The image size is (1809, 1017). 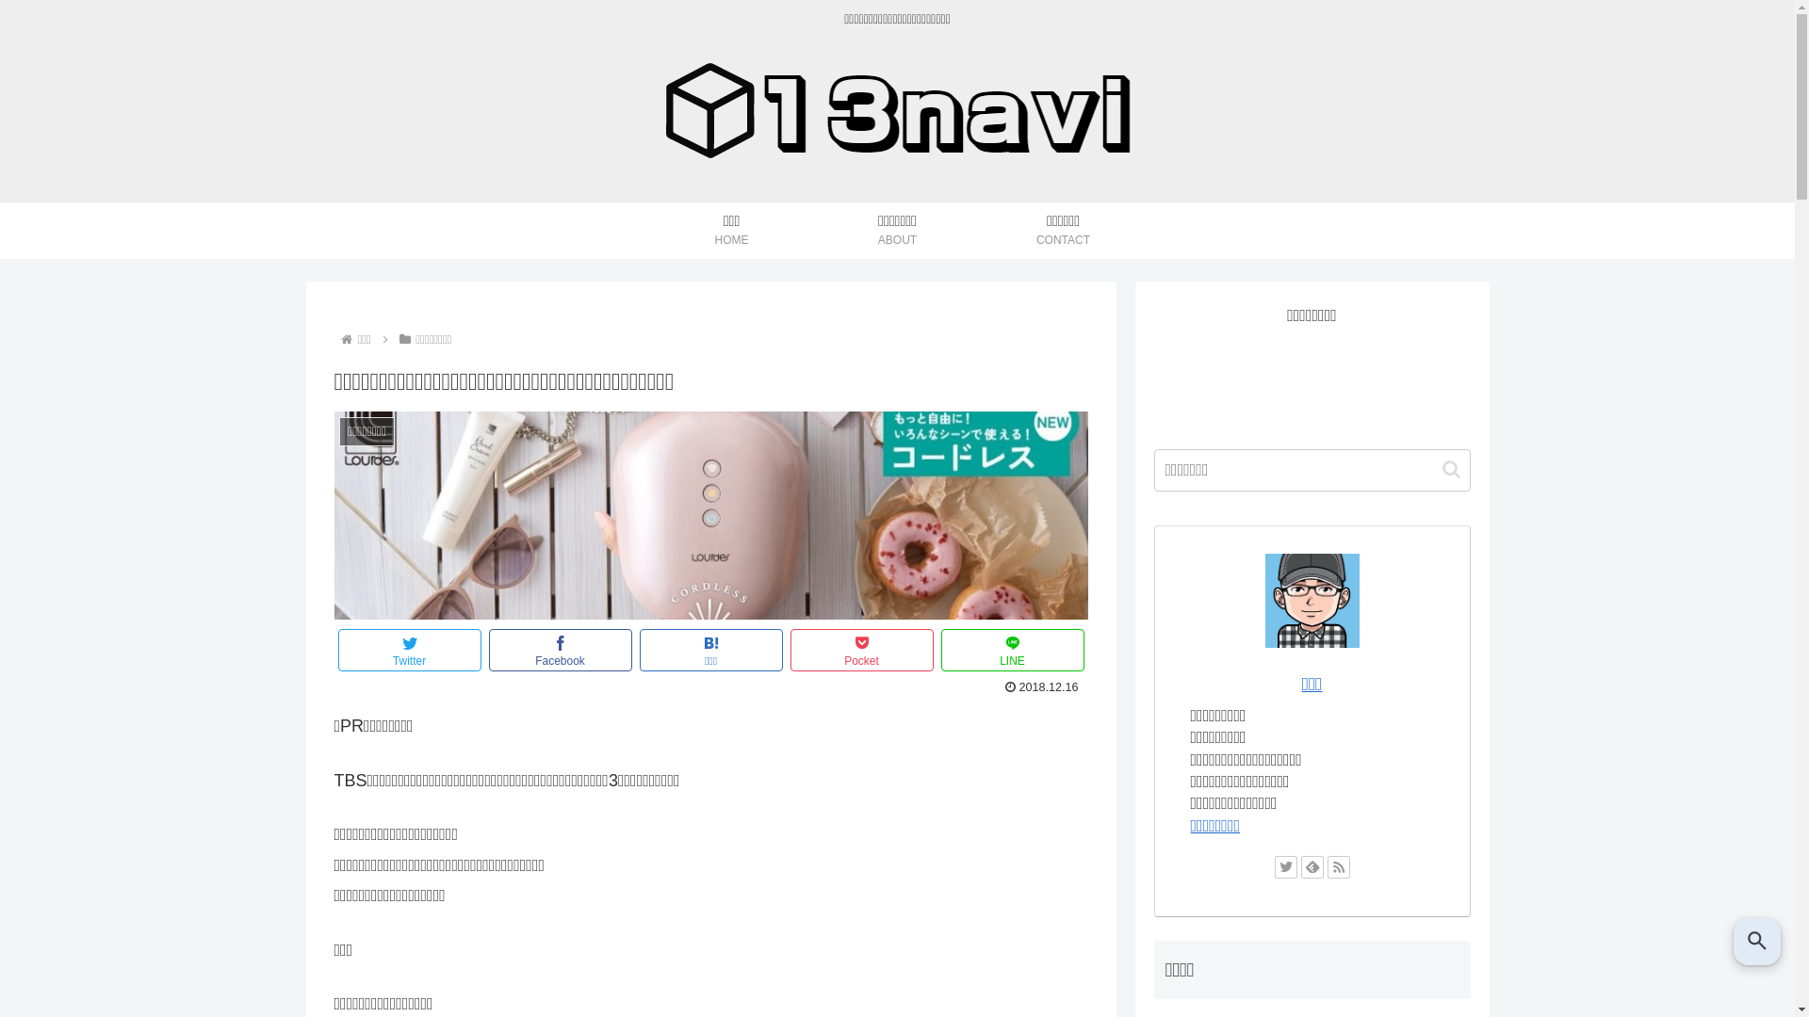 What do you see at coordinates (488, 649) in the screenshot?
I see `'Facebook'` at bounding box center [488, 649].